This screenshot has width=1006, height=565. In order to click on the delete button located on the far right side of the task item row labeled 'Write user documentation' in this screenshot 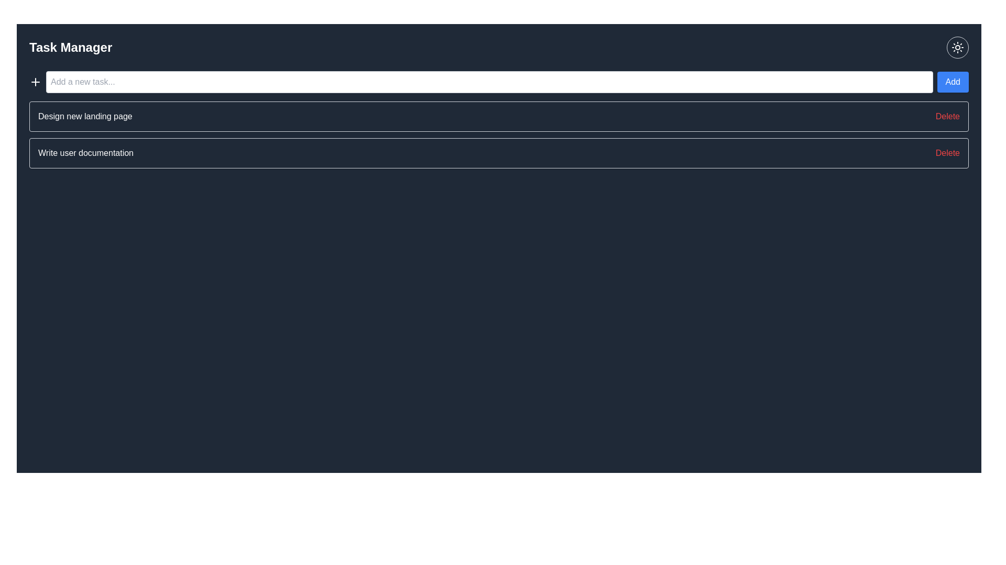, I will do `click(947, 153)`.